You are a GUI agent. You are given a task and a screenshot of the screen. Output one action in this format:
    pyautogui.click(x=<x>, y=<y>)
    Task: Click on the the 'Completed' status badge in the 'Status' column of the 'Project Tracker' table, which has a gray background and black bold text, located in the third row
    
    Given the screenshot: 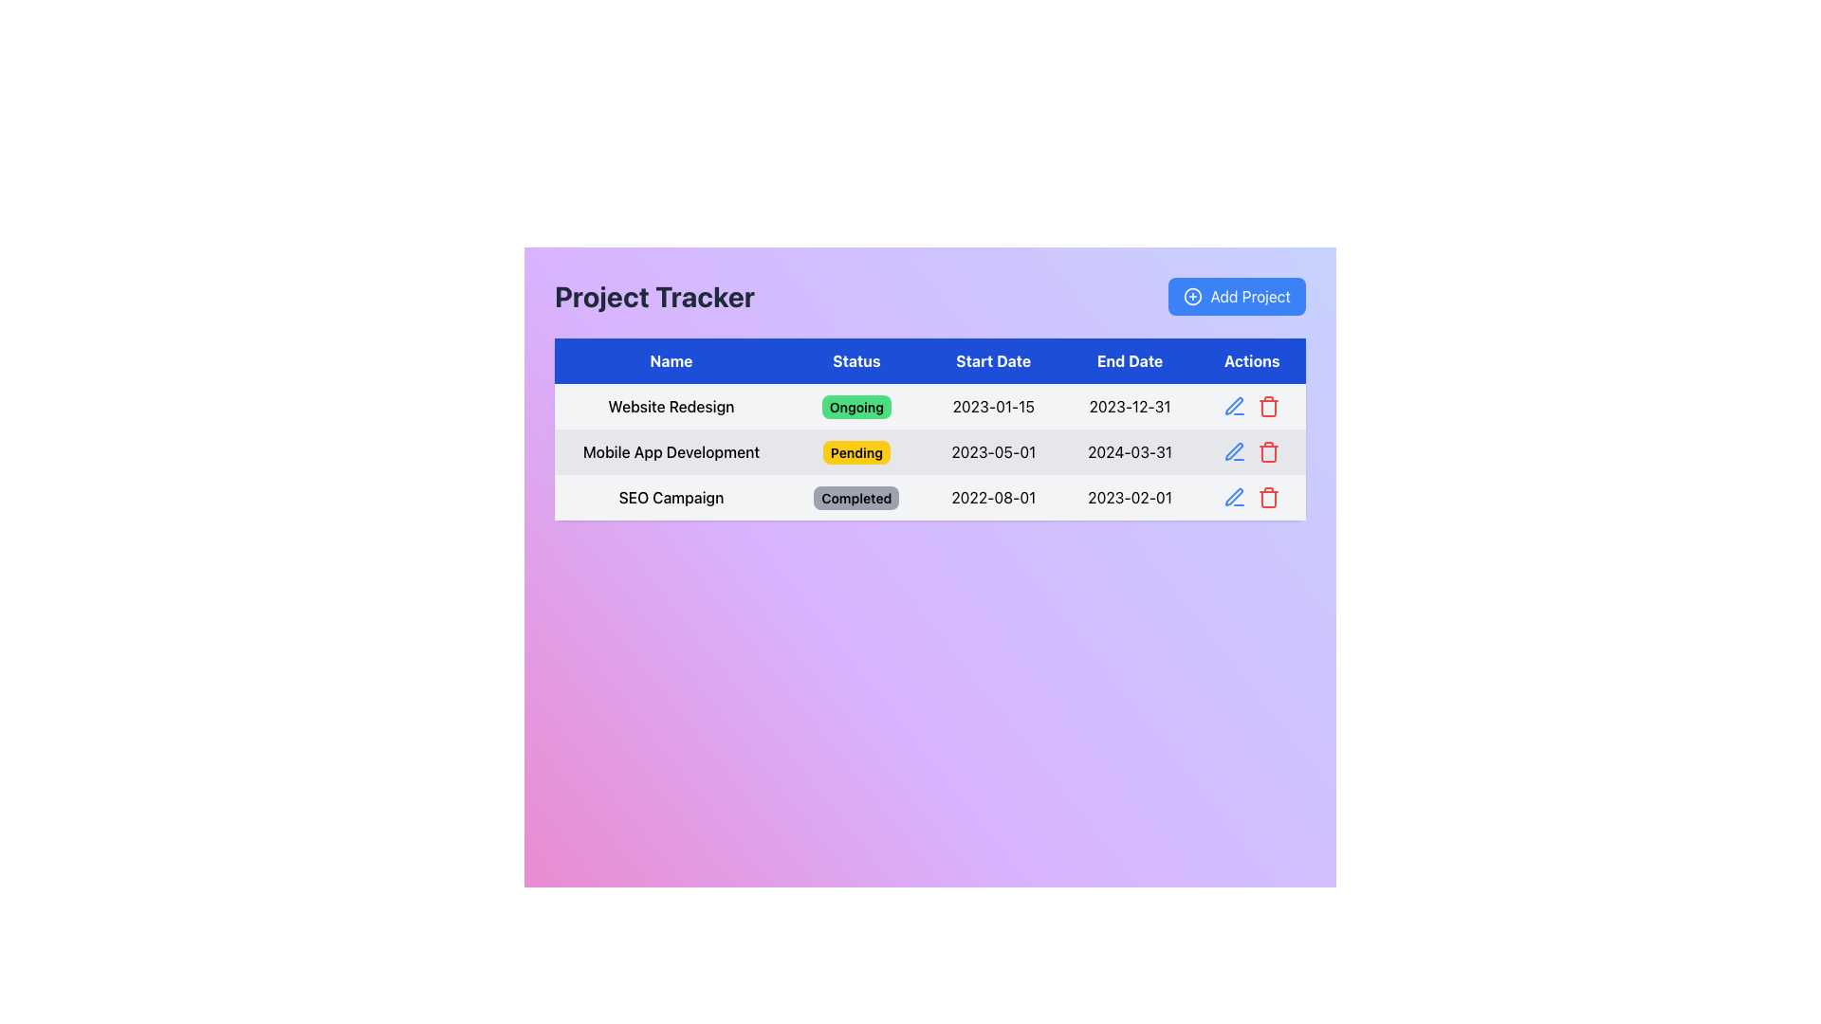 What is the action you would take?
    pyautogui.click(x=855, y=497)
    